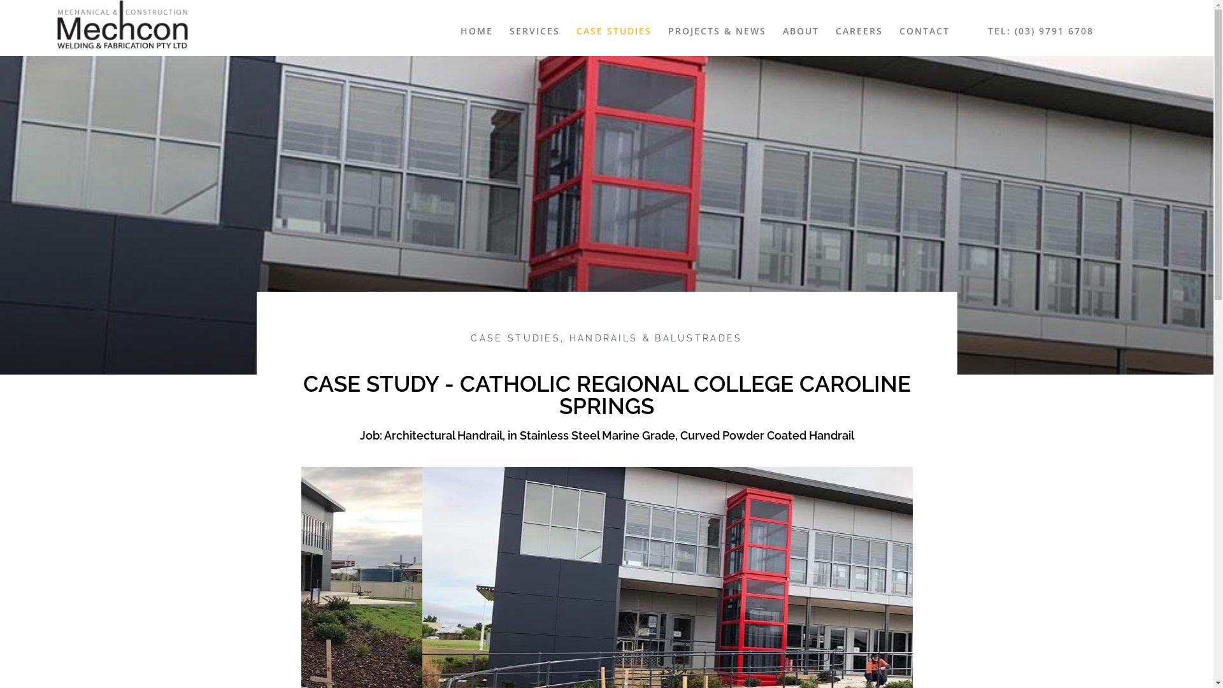  I want to click on 'HANDRAILS & BALUSTRADES', so click(568, 338).